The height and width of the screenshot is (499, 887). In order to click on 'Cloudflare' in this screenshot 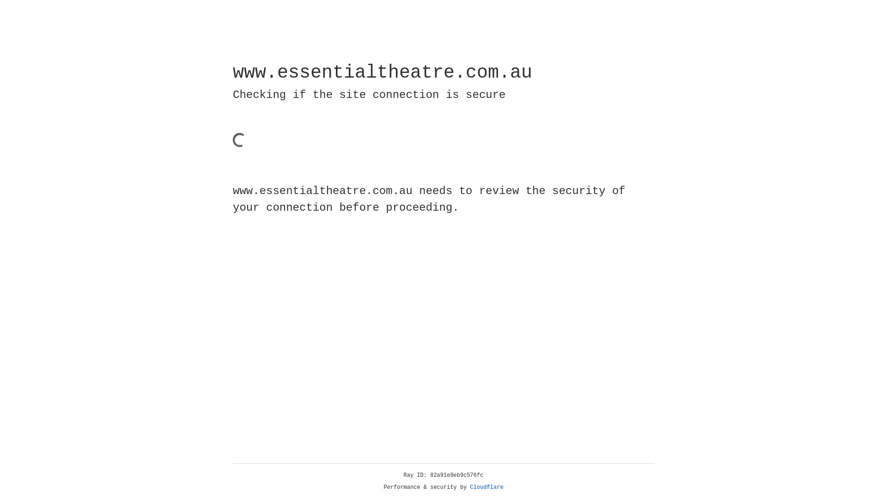, I will do `click(486, 487)`.